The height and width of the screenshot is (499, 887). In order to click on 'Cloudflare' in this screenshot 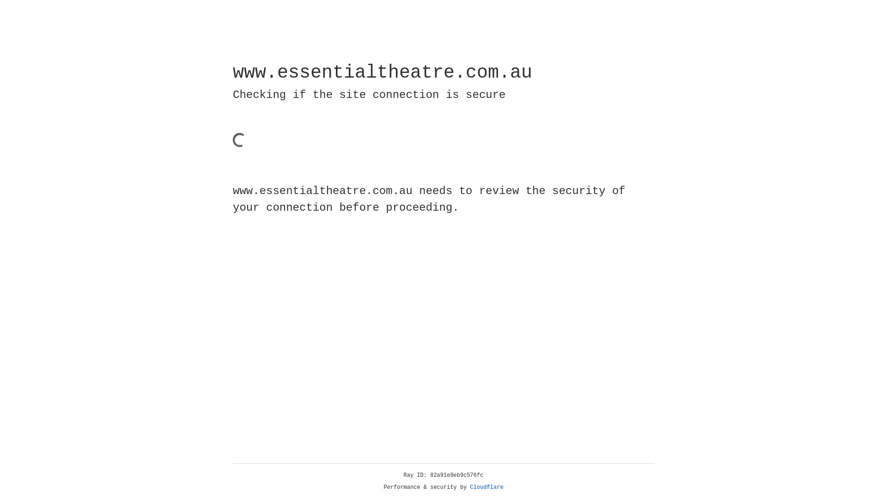, I will do `click(486, 487)`.